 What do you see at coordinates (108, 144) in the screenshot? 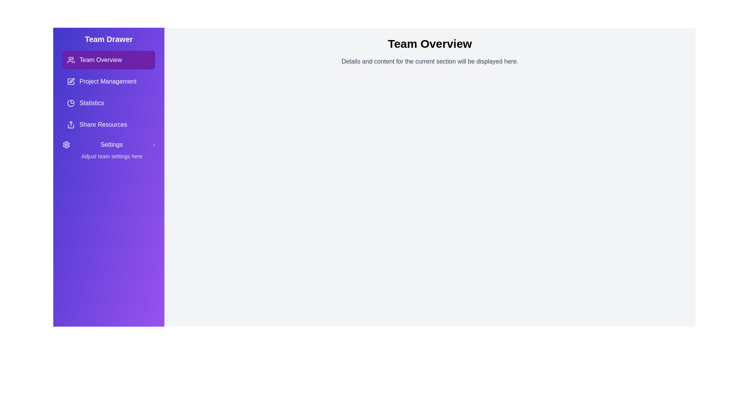
I see `the settings toggle button to expand or collapse the settings section` at bounding box center [108, 144].